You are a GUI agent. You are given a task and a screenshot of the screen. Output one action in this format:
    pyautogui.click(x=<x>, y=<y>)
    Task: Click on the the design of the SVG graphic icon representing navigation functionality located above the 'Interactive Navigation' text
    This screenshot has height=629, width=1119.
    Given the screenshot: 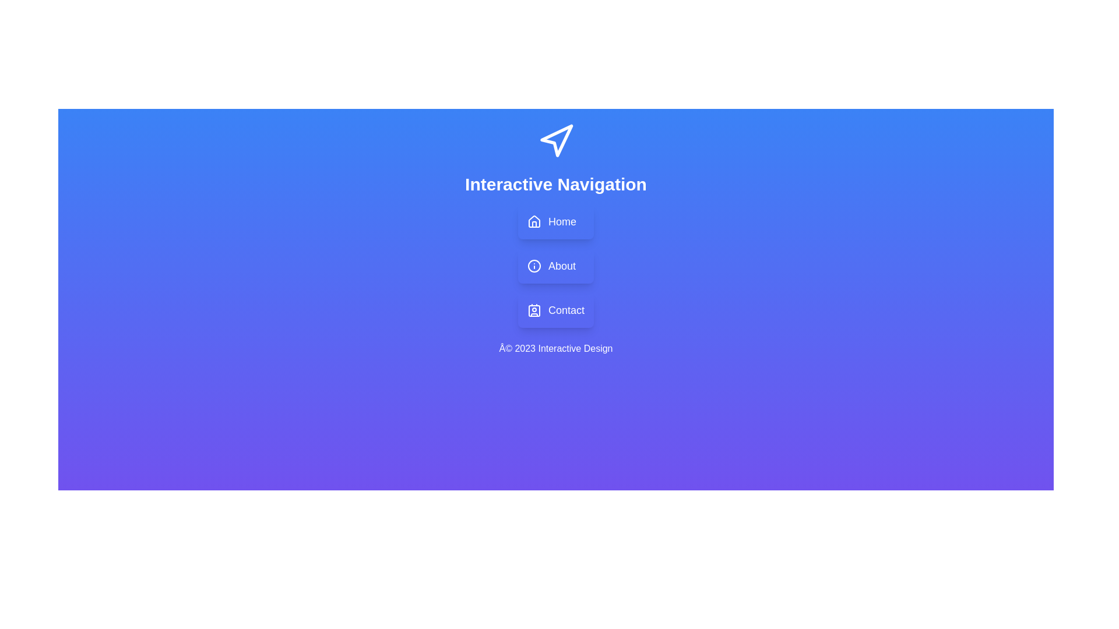 What is the action you would take?
    pyautogui.click(x=556, y=140)
    